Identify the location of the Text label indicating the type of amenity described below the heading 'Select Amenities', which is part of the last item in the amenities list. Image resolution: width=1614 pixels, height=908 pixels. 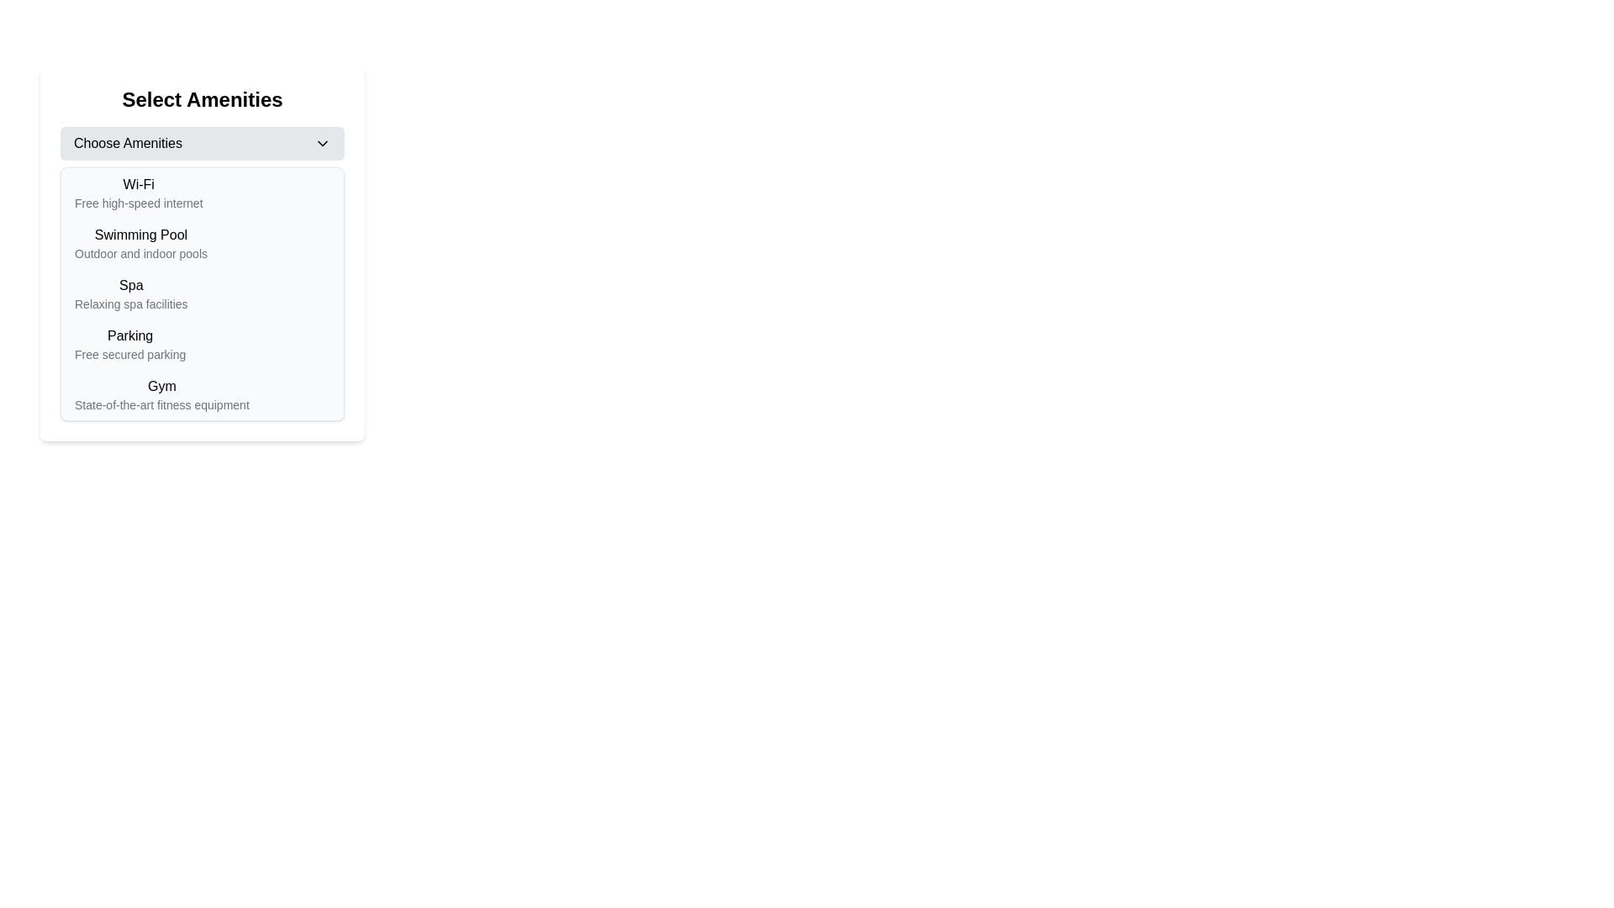
(161, 386).